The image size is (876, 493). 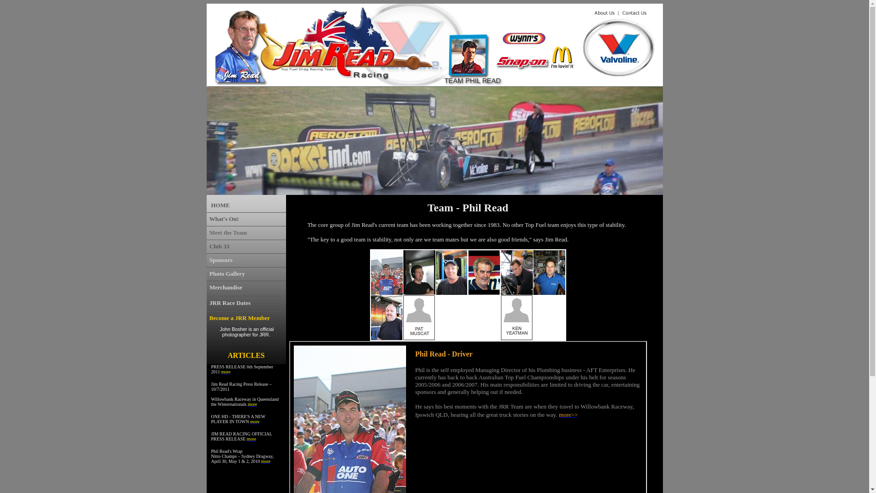 What do you see at coordinates (230, 303) in the screenshot?
I see `'JRR Race Dates'` at bounding box center [230, 303].